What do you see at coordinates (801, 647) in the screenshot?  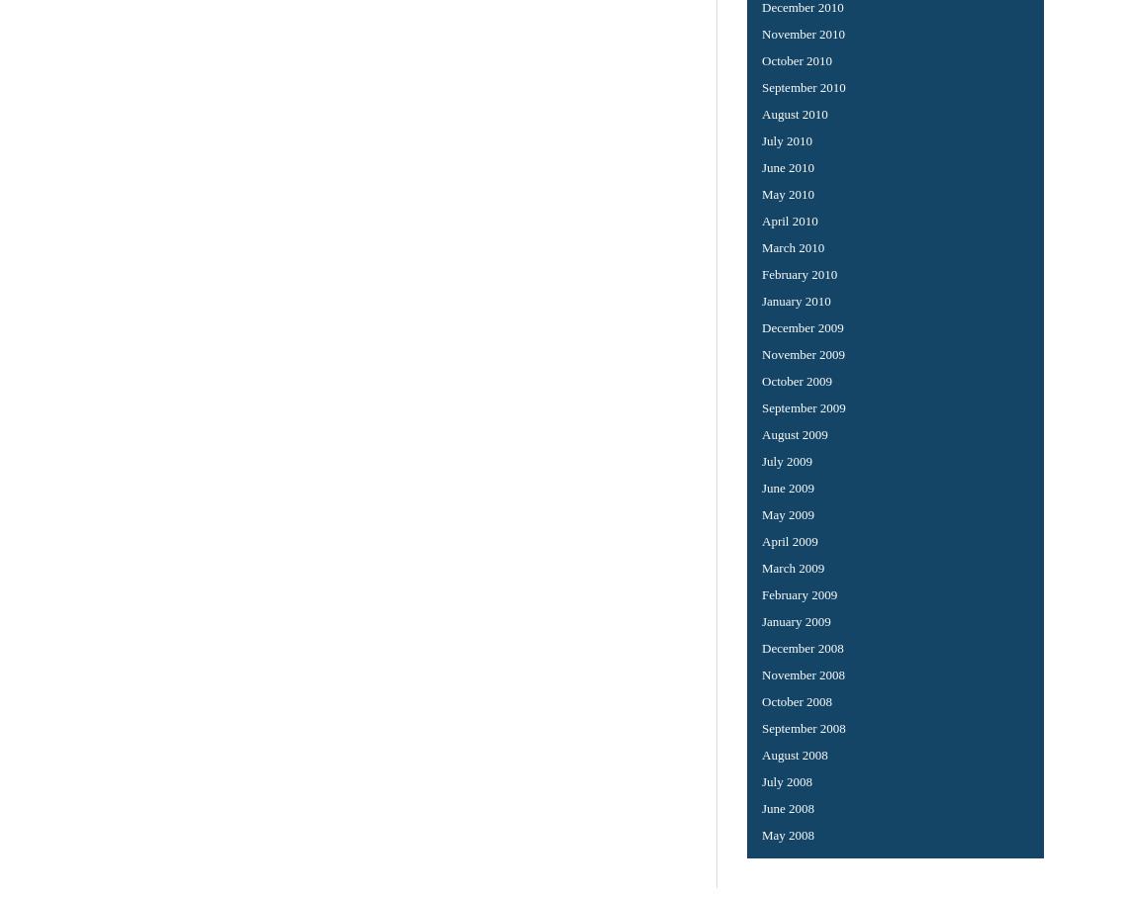 I see `'December 2008'` at bounding box center [801, 647].